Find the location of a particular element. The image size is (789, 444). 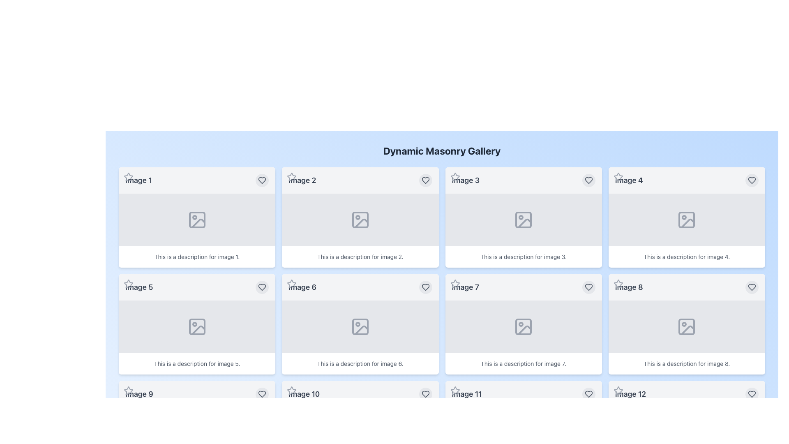

image placeholder located in the second row, first column of the grid layout, directly beneath the 'Image 5' title is located at coordinates (196, 326).